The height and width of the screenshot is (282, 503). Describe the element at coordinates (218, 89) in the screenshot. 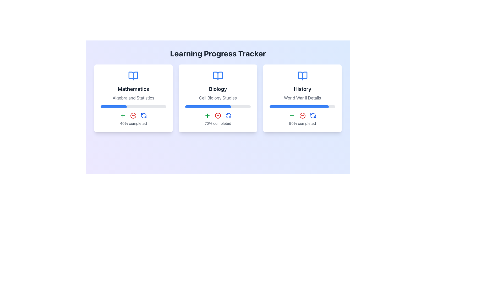

I see `the primary title text label 'Biology' located in the central card, positioned below the blue book icon and above the subtitle 'Cell Biology Studies'` at that location.